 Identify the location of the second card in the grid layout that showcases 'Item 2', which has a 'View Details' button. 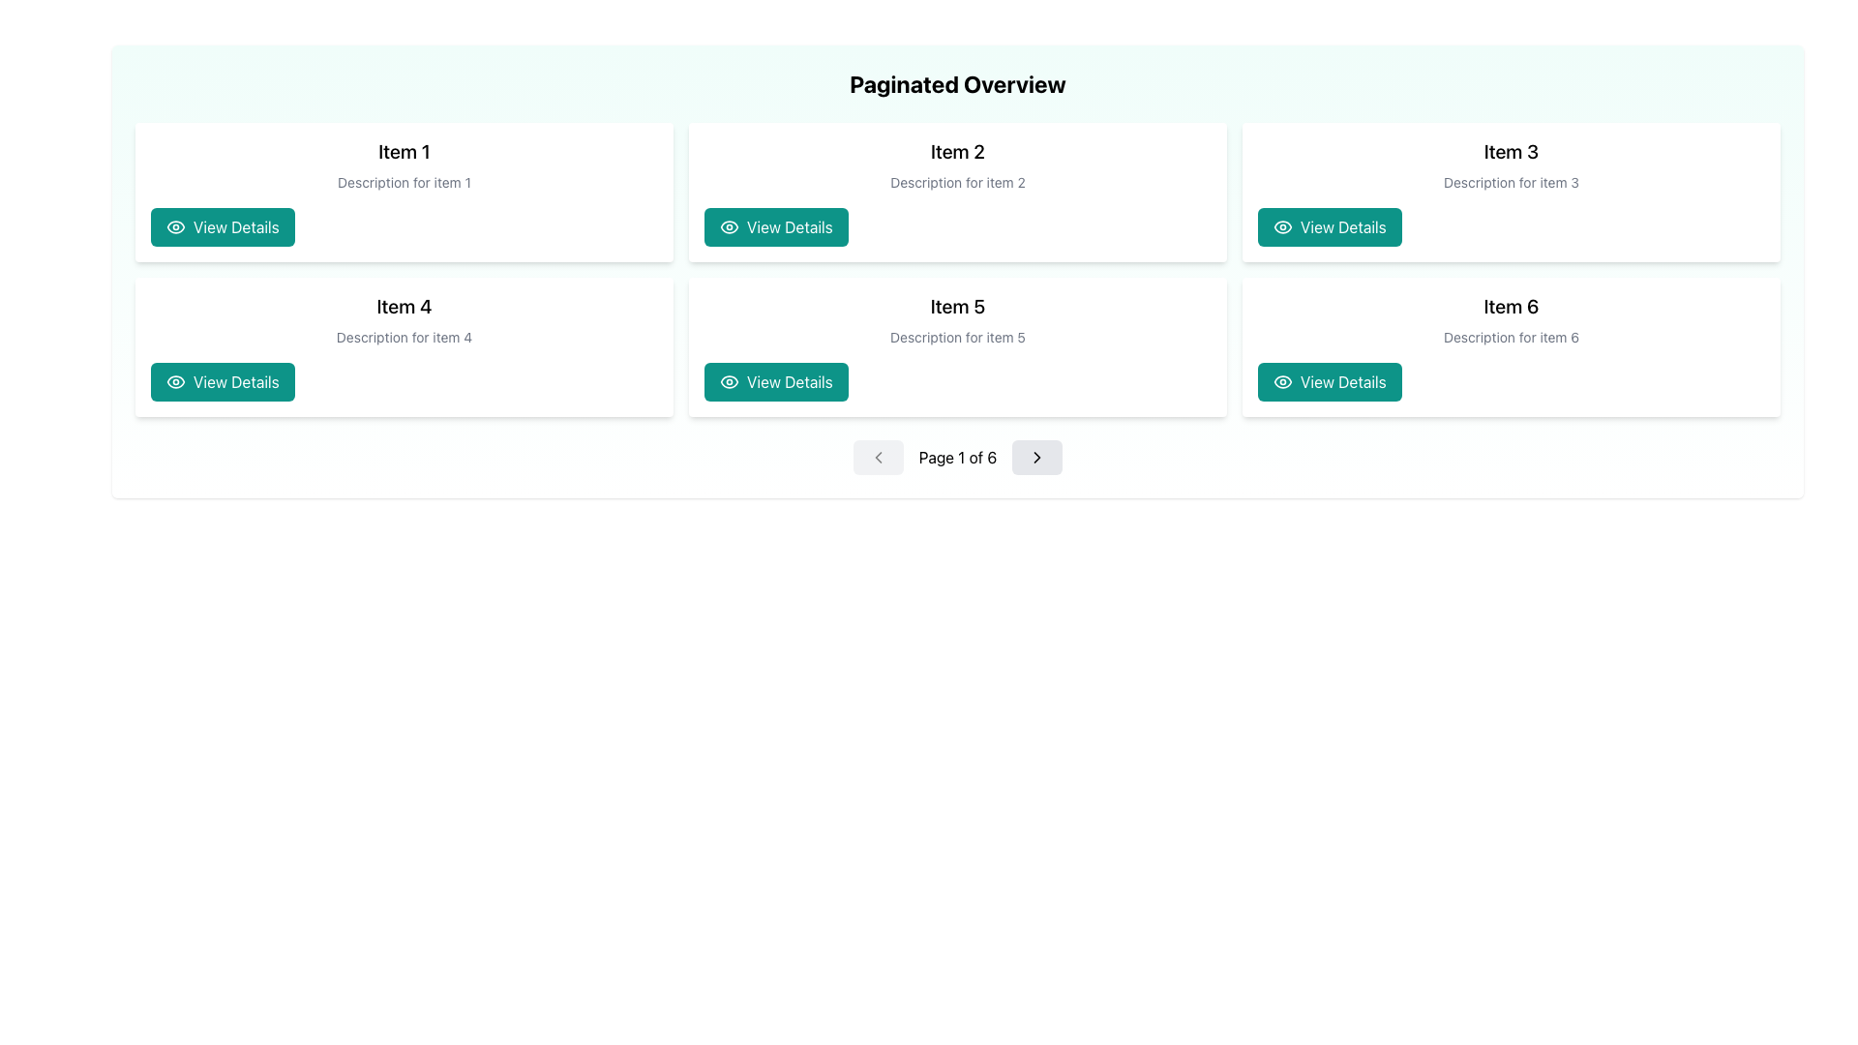
(957, 193).